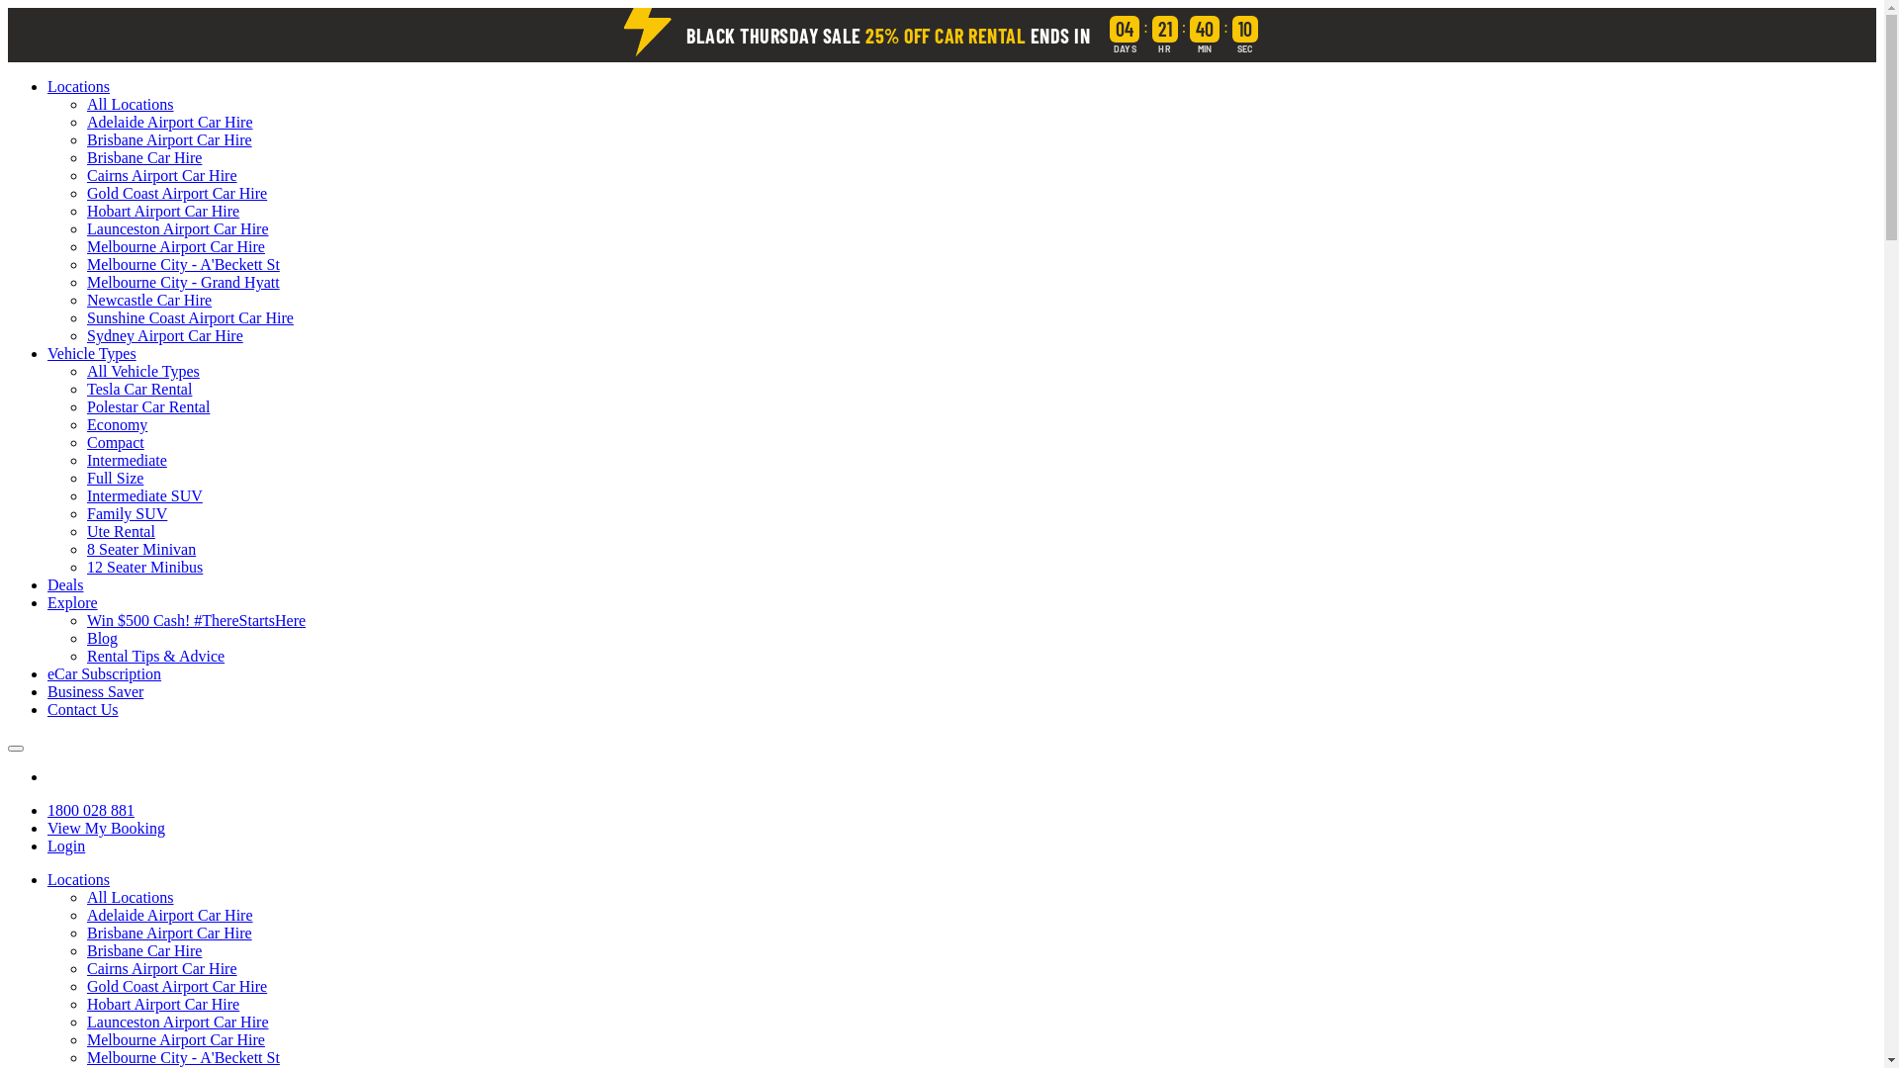 The image size is (1899, 1068). I want to click on 'Melbourne Airport Car Hire', so click(175, 245).